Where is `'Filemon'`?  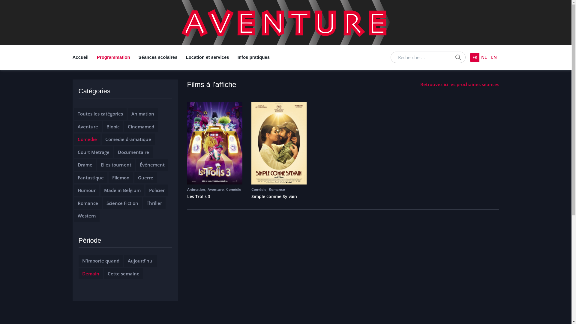
'Filemon' is located at coordinates (121, 177).